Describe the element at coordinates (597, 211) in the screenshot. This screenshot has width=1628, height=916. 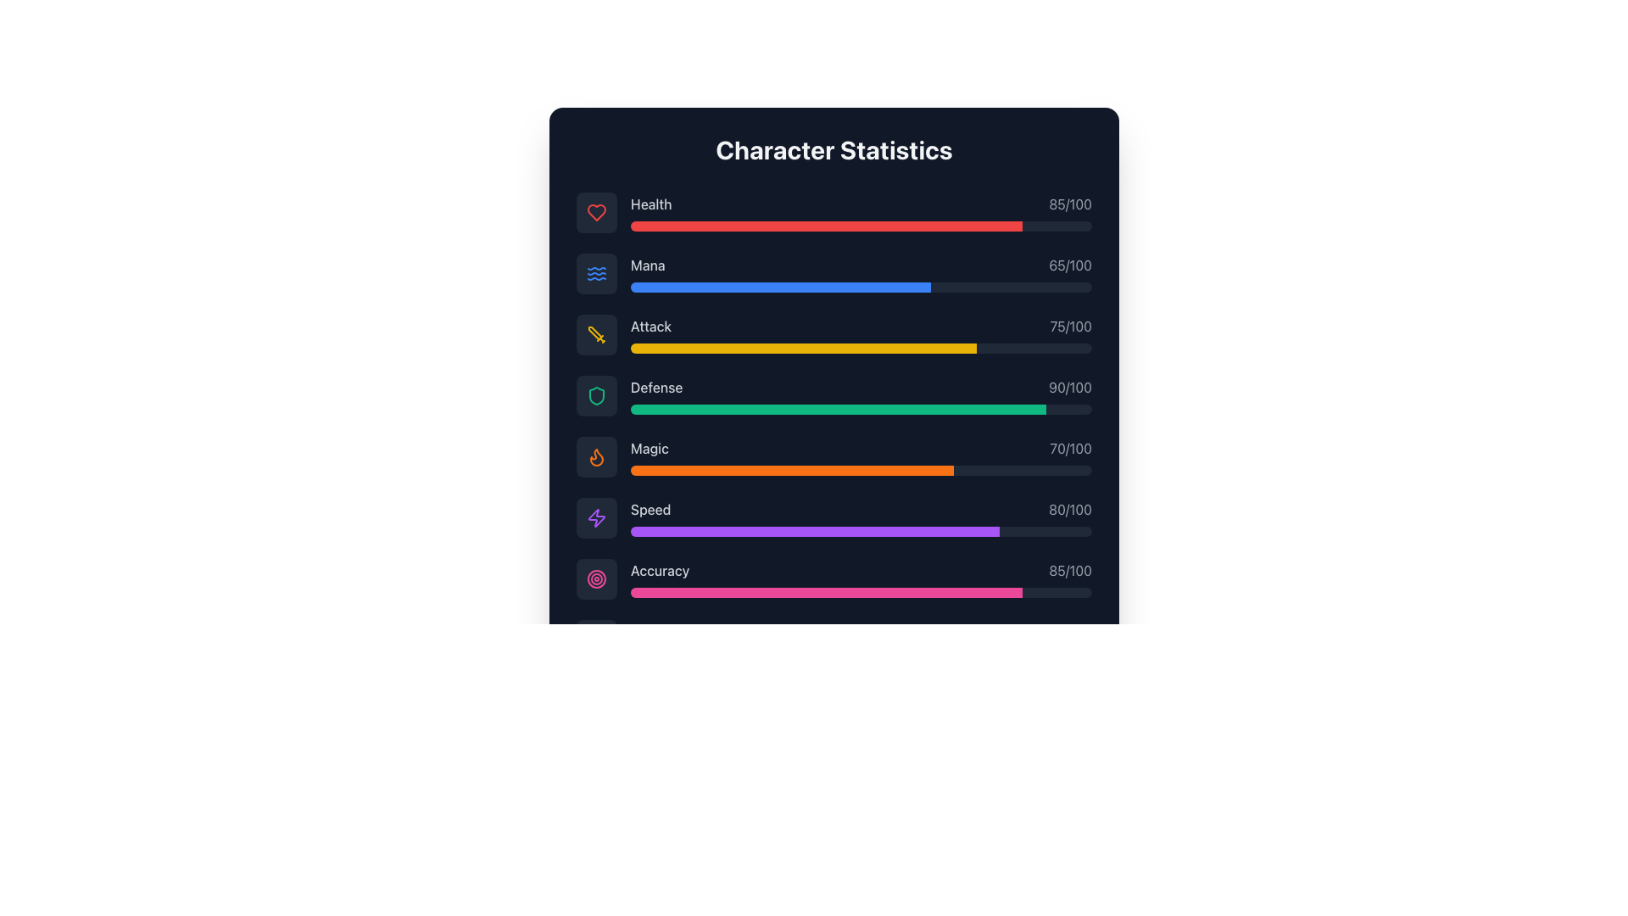
I see `SVG structure of the heart-shaped icon outlined in red, which is located in the first row of the statistics table to the left of the 'Health' label` at that location.